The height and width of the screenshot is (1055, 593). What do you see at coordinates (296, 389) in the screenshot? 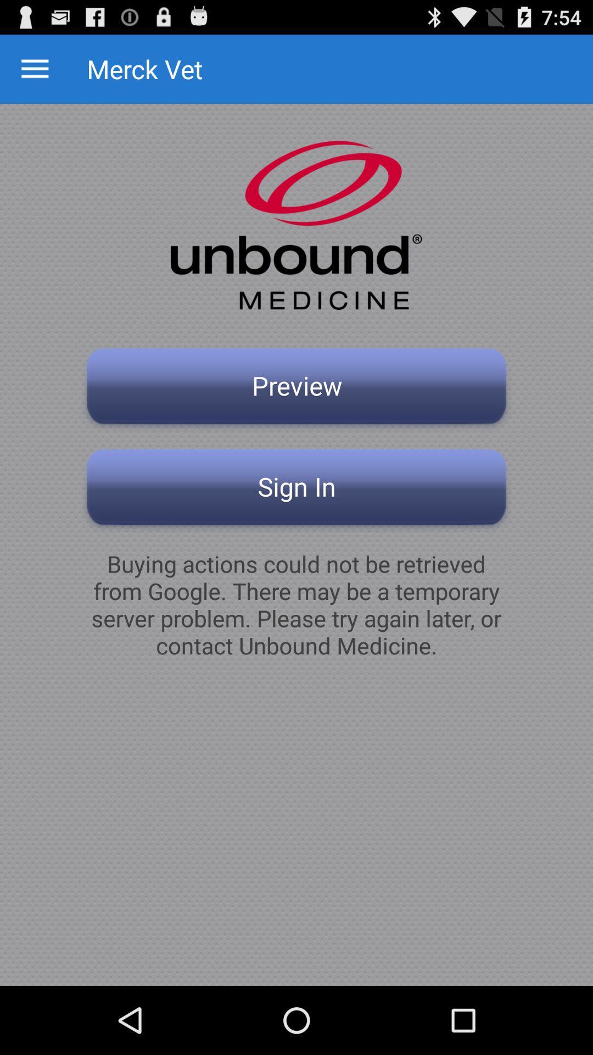
I see `the preview button` at bounding box center [296, 389].